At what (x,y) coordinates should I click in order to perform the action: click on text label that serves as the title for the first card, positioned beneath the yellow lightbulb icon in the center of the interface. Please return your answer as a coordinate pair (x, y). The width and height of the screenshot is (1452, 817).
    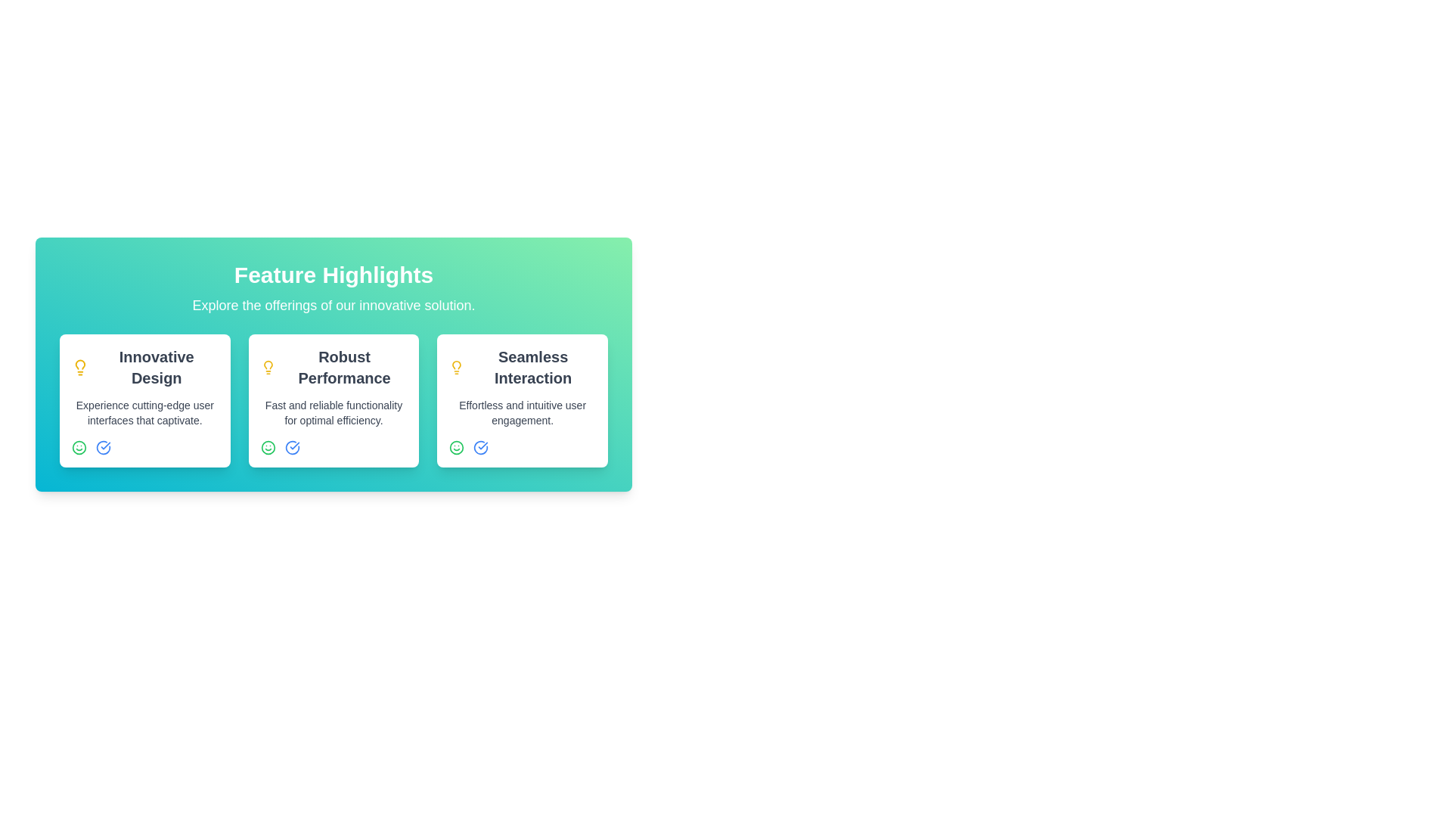
    Looking at the image, I should click on (157, 368).